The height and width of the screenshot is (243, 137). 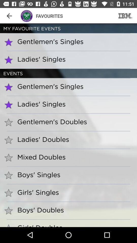 I want to click on the my favourite events, so click(x=68, y=28).